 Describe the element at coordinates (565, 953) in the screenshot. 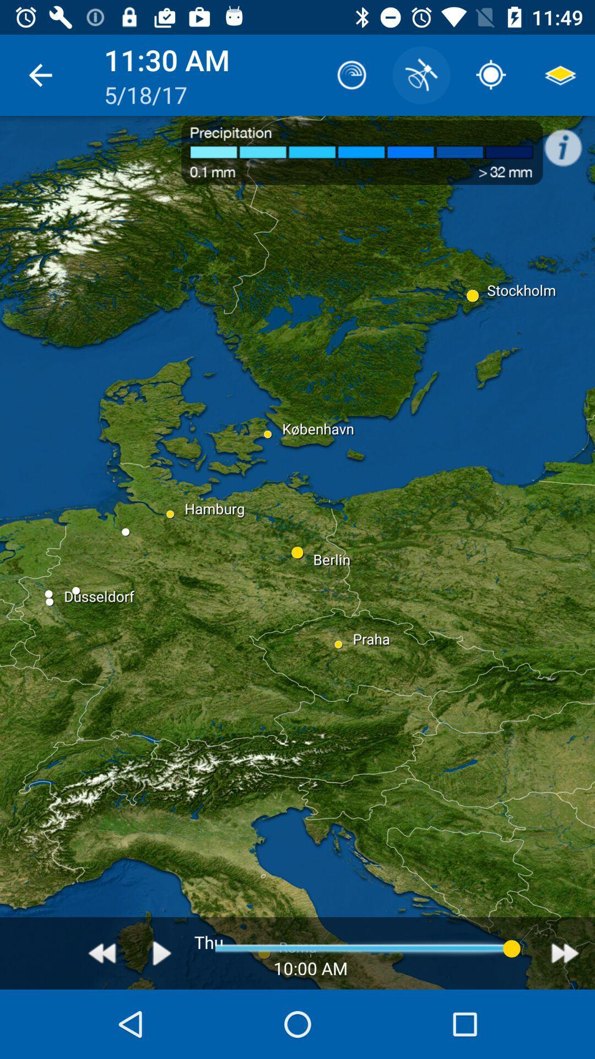

I see `the av_forward icon` at that location.